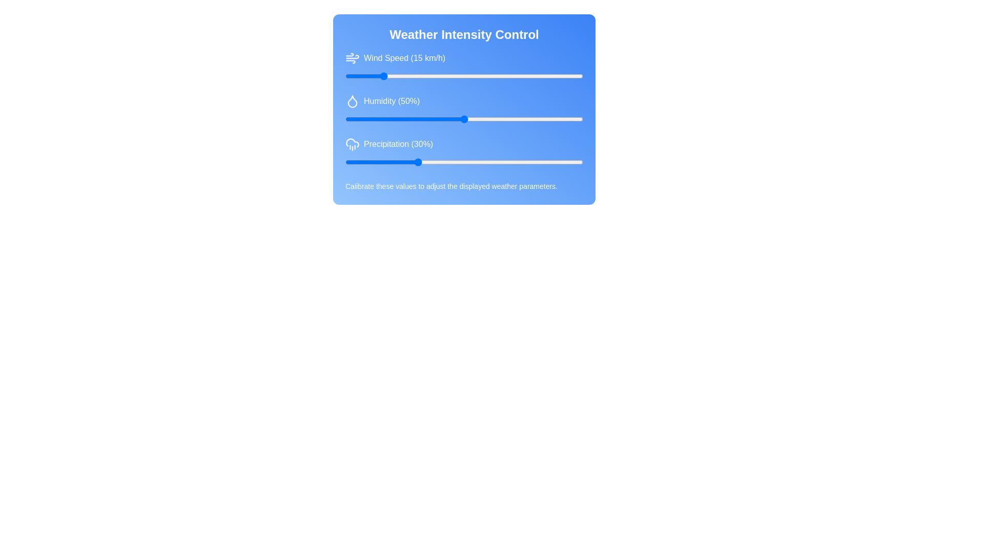 The width and height of the screenshot is (984, 553). I want to click on and drag the horizontal slider bar with a gray background and blue selection indicating the wind speed value, located below the 'Wind Speed (15 km/h)' label, to adjust the value, so click(464, 76).